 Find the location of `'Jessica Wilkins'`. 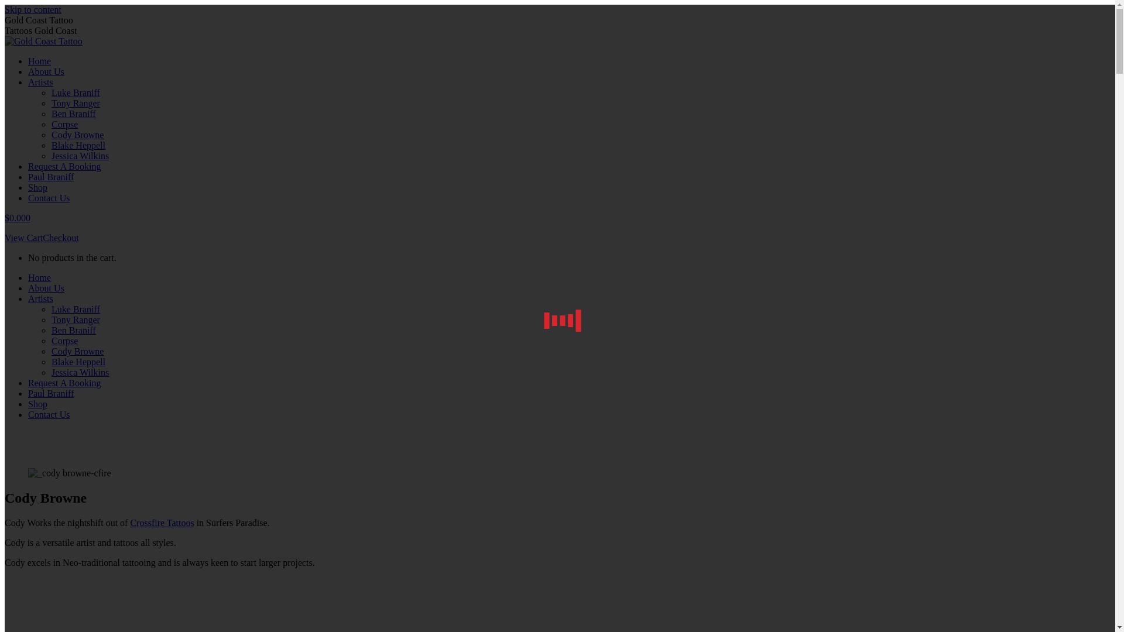

'Jessica Wilkins' is located at coordinates (80, 155).